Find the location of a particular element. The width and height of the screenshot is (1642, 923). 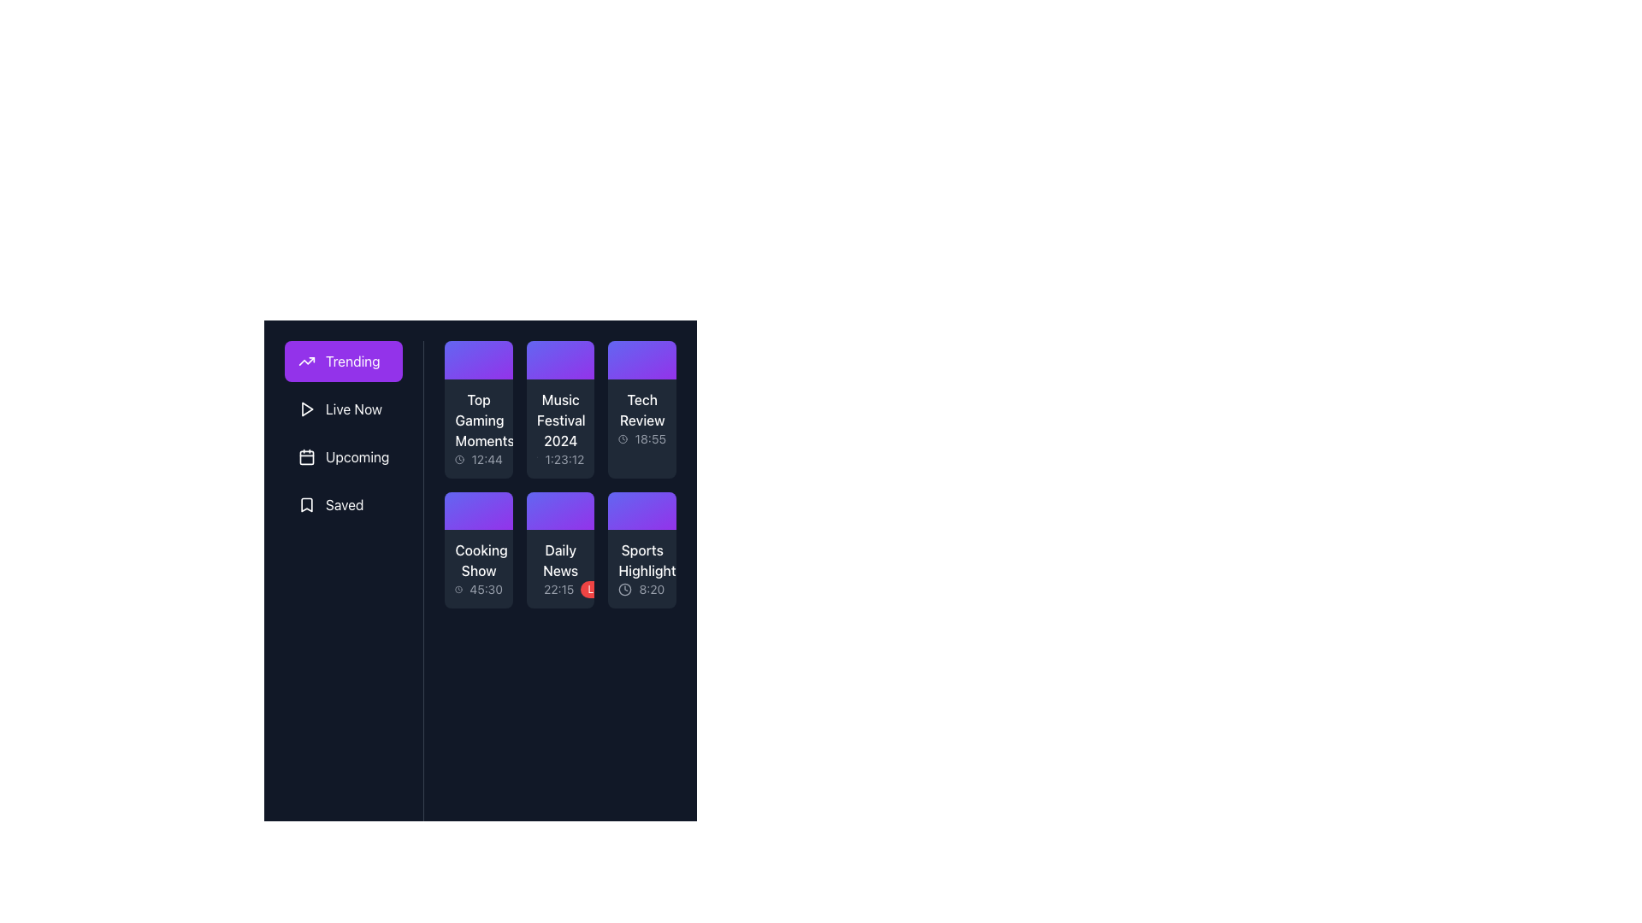

the SVG circle element that represents a part of a clock within the third card under the 'Tech Review' label is located at coordinates (623, 438).